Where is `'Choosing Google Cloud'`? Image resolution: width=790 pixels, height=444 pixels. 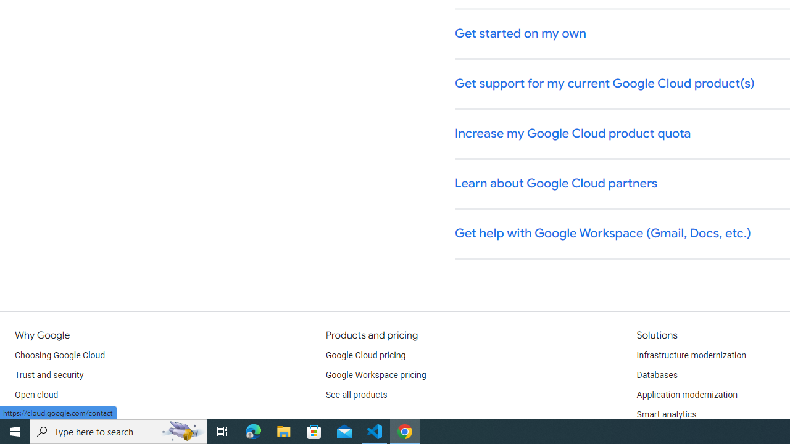
'Choosing Google Cloud' is located at coordinates (59, 356).